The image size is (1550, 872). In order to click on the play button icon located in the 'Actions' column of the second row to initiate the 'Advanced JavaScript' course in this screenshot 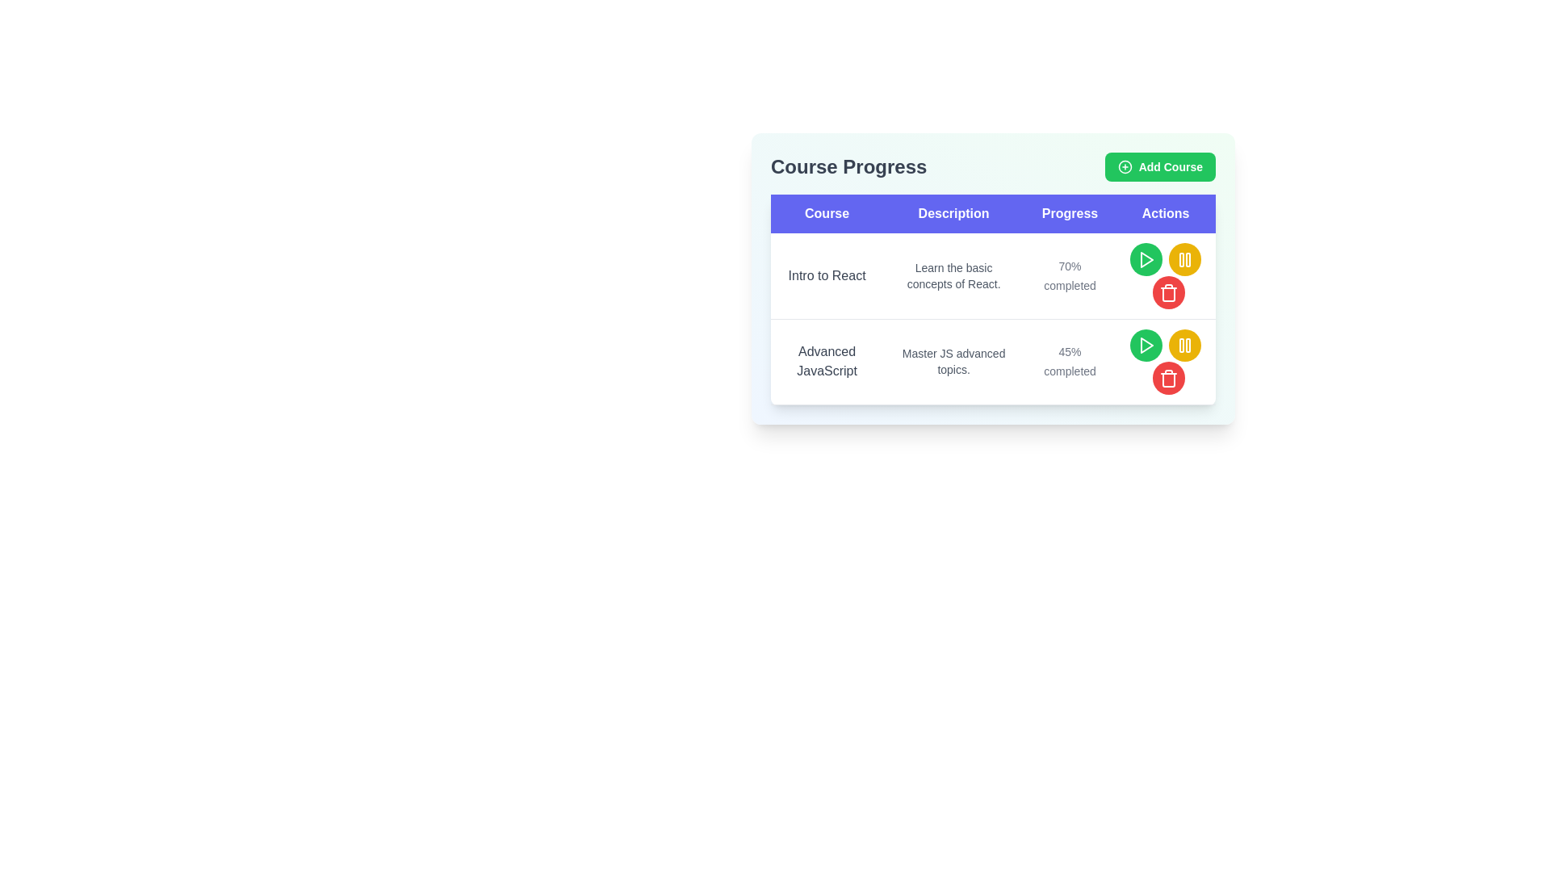, I will do `click(1146, 258)`.